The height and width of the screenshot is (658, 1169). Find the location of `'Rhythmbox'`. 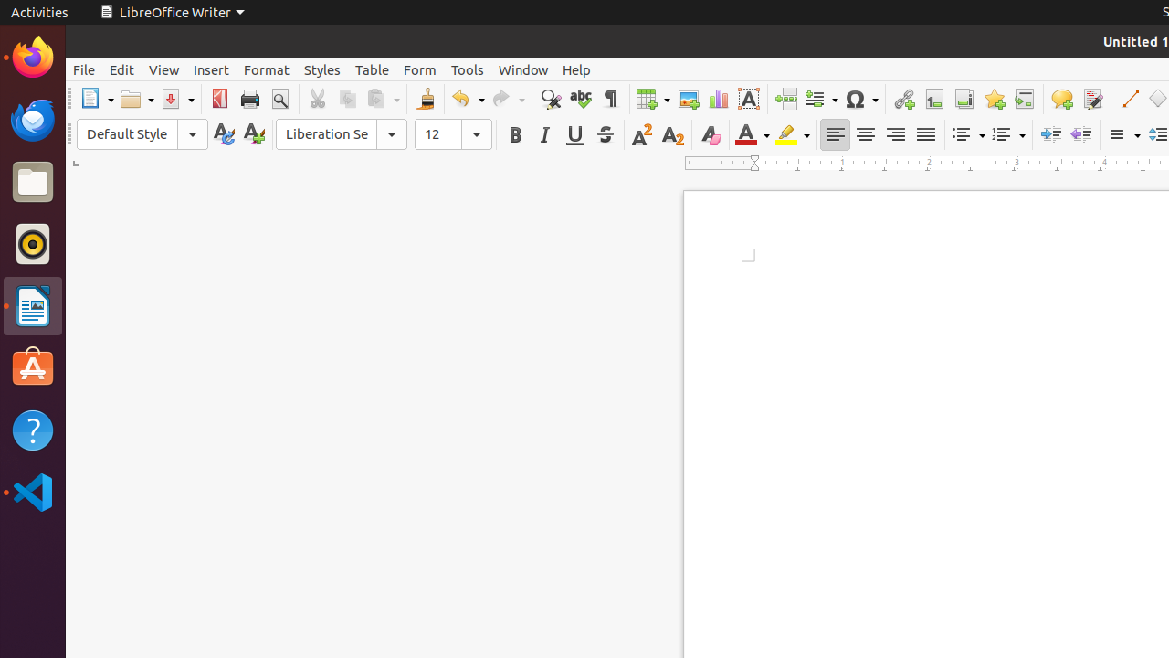

'Rhythmbox' is located at coordinates (32, 242).